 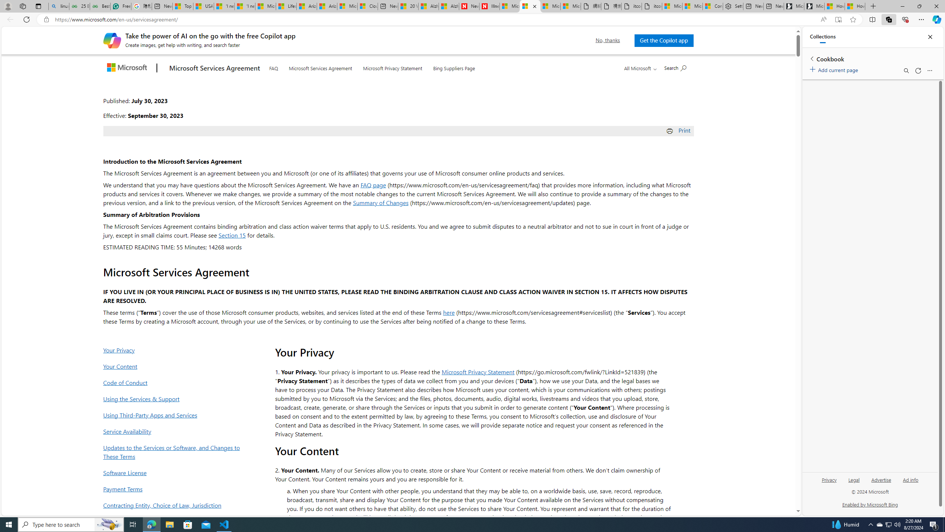 I want to click on 'Get the Copilot app ', so click(x=663, y=40).